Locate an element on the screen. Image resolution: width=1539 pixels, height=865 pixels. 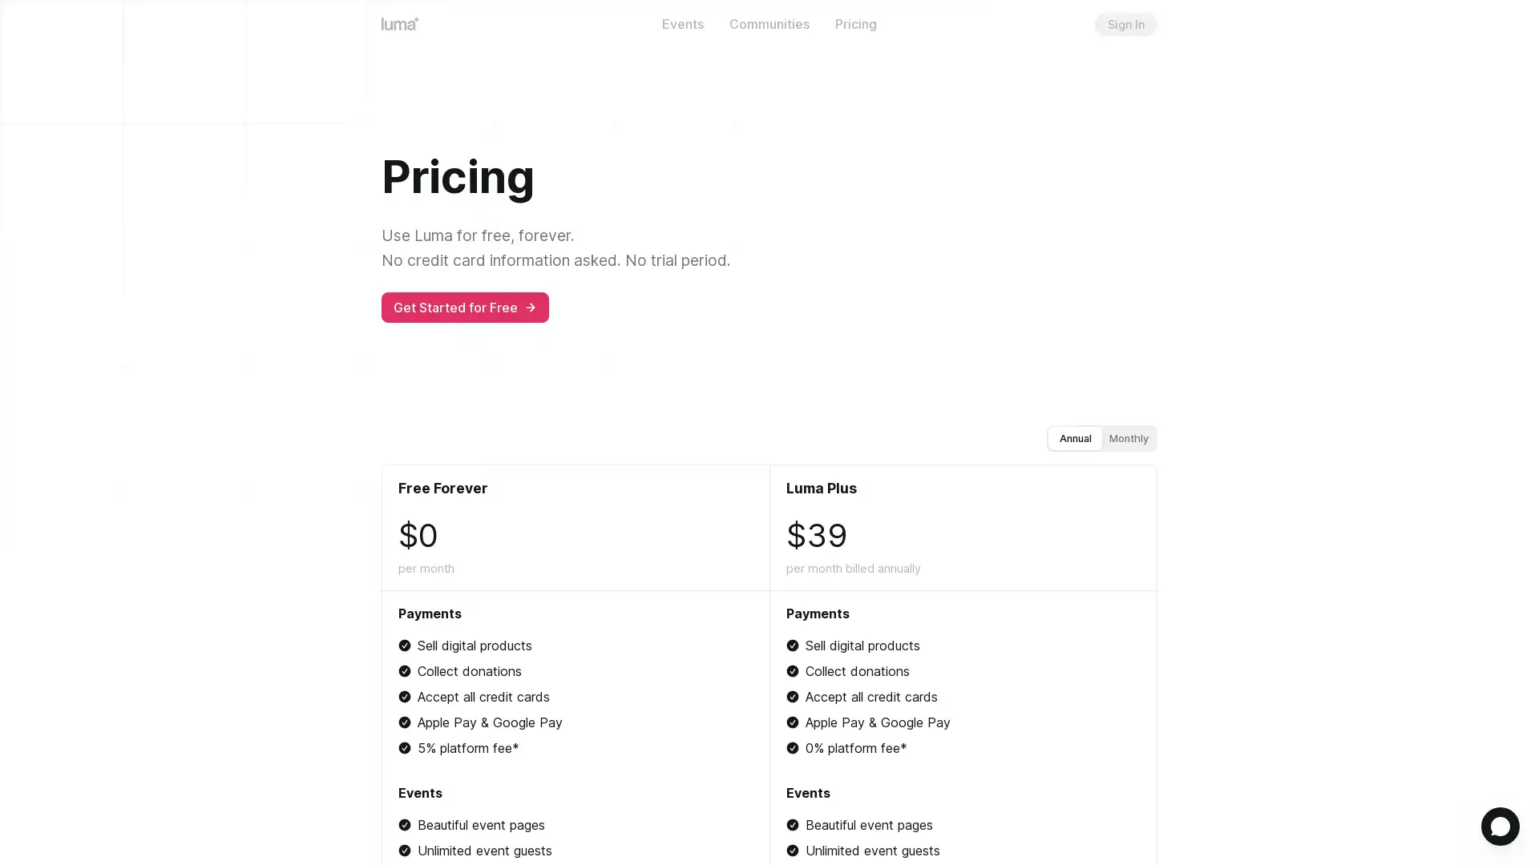
1 is located at coordinates (1500, 827).